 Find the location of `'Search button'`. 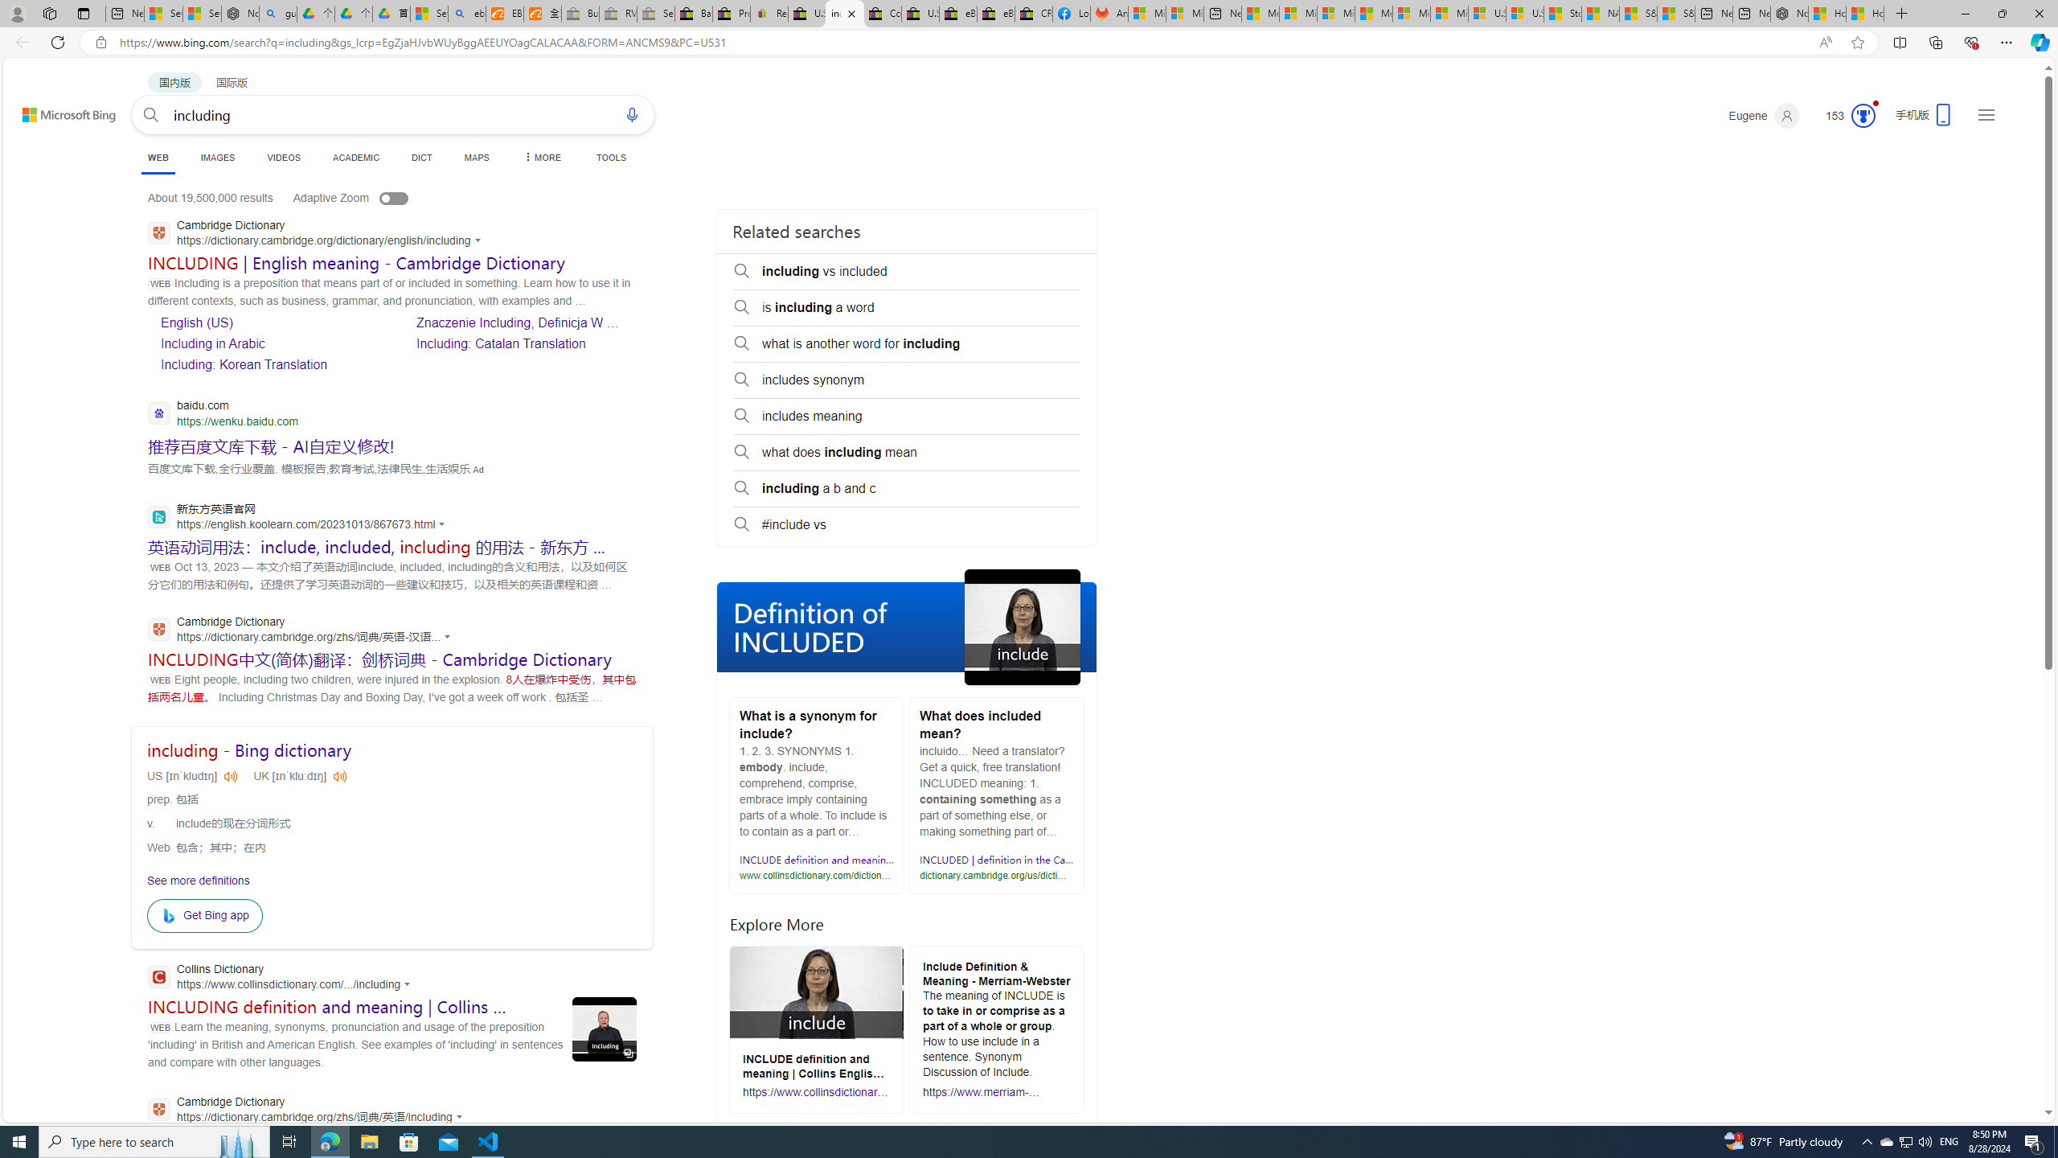

'Search button' is located at coordinates (150, 113).